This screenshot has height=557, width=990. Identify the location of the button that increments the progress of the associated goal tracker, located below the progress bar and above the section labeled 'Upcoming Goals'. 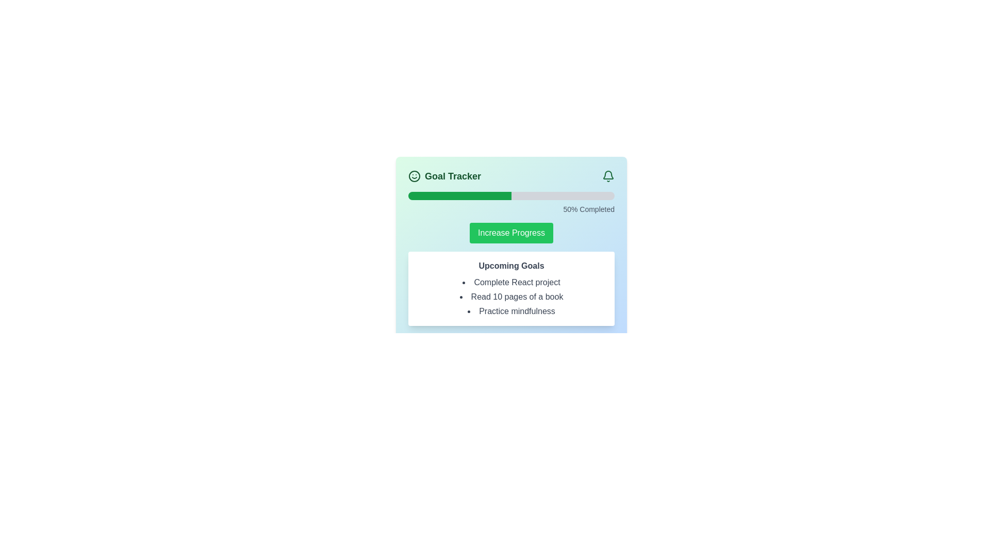
(511, 233).